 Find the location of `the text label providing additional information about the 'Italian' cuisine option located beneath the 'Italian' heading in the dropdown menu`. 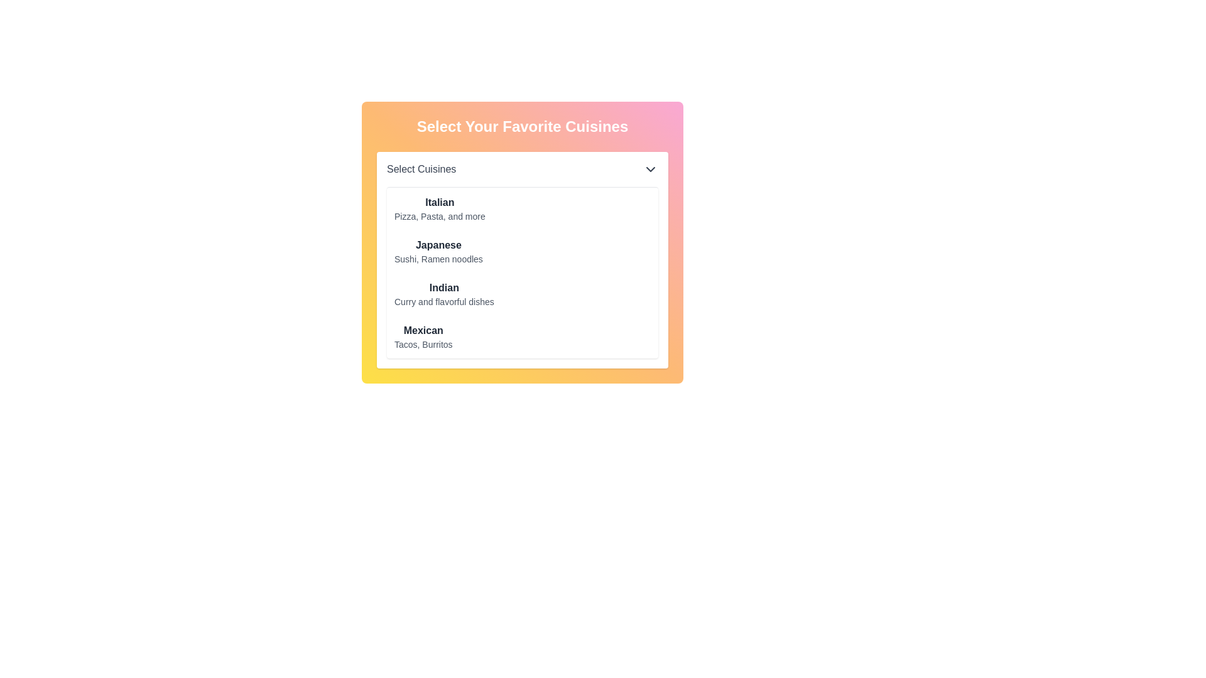

the text label providing additional information about the 'Italian' cuisine option located beneath the 'Italian' heading in the dropdown menu is located at coordinates (440, 215).